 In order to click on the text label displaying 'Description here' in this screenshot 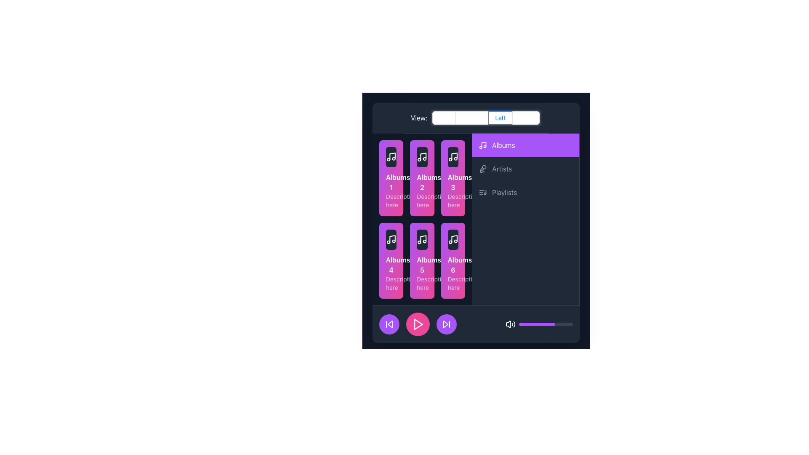, I will do `click(391, 201)`.